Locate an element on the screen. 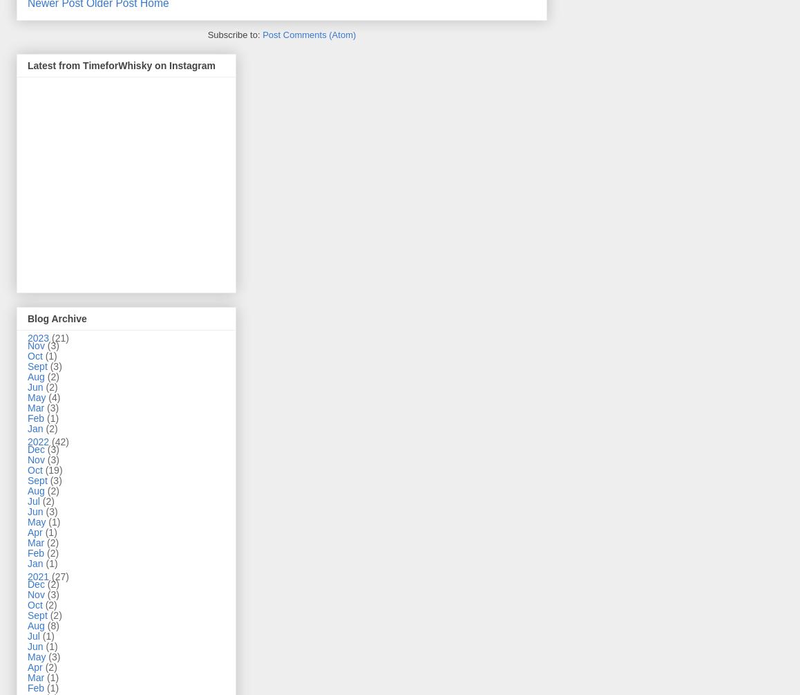  'Latest from TimeforWhisky on Instagram' is located at coordinates (122, 64).